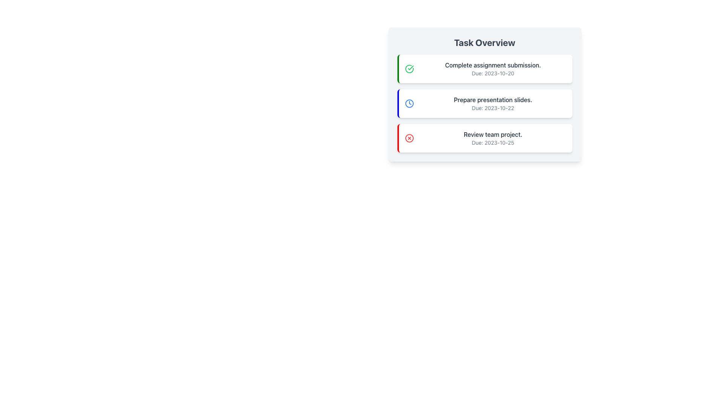 The image size is (724, 407). What do you see at coordinates (493, 108) in the screenshot?
I see `the text label indicating the due date for the task 'Prepare presentation slides' in the second task entry of the 'Task Overview' section` at bounding box center [493, 108].